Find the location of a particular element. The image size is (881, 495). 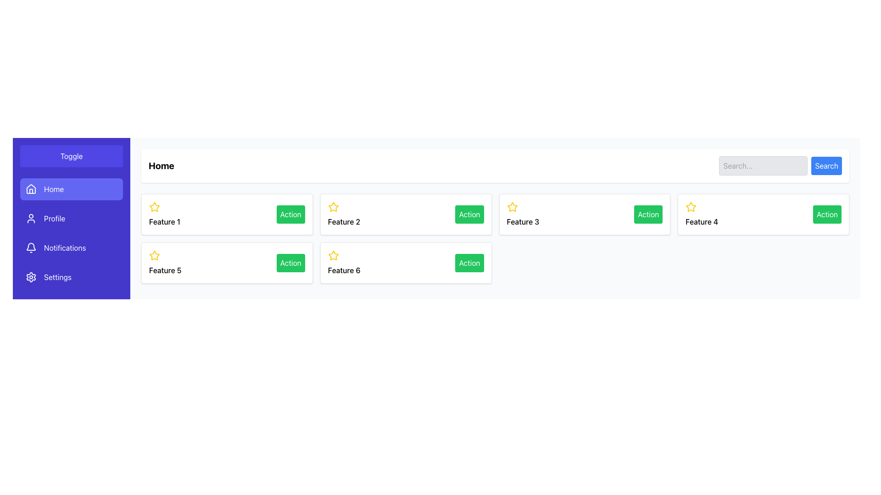

descriptive text from the Text Label in the third feature card in the upper row, located between a yellow star icon and a green 'Action' button is located at coordinates (523, 221).